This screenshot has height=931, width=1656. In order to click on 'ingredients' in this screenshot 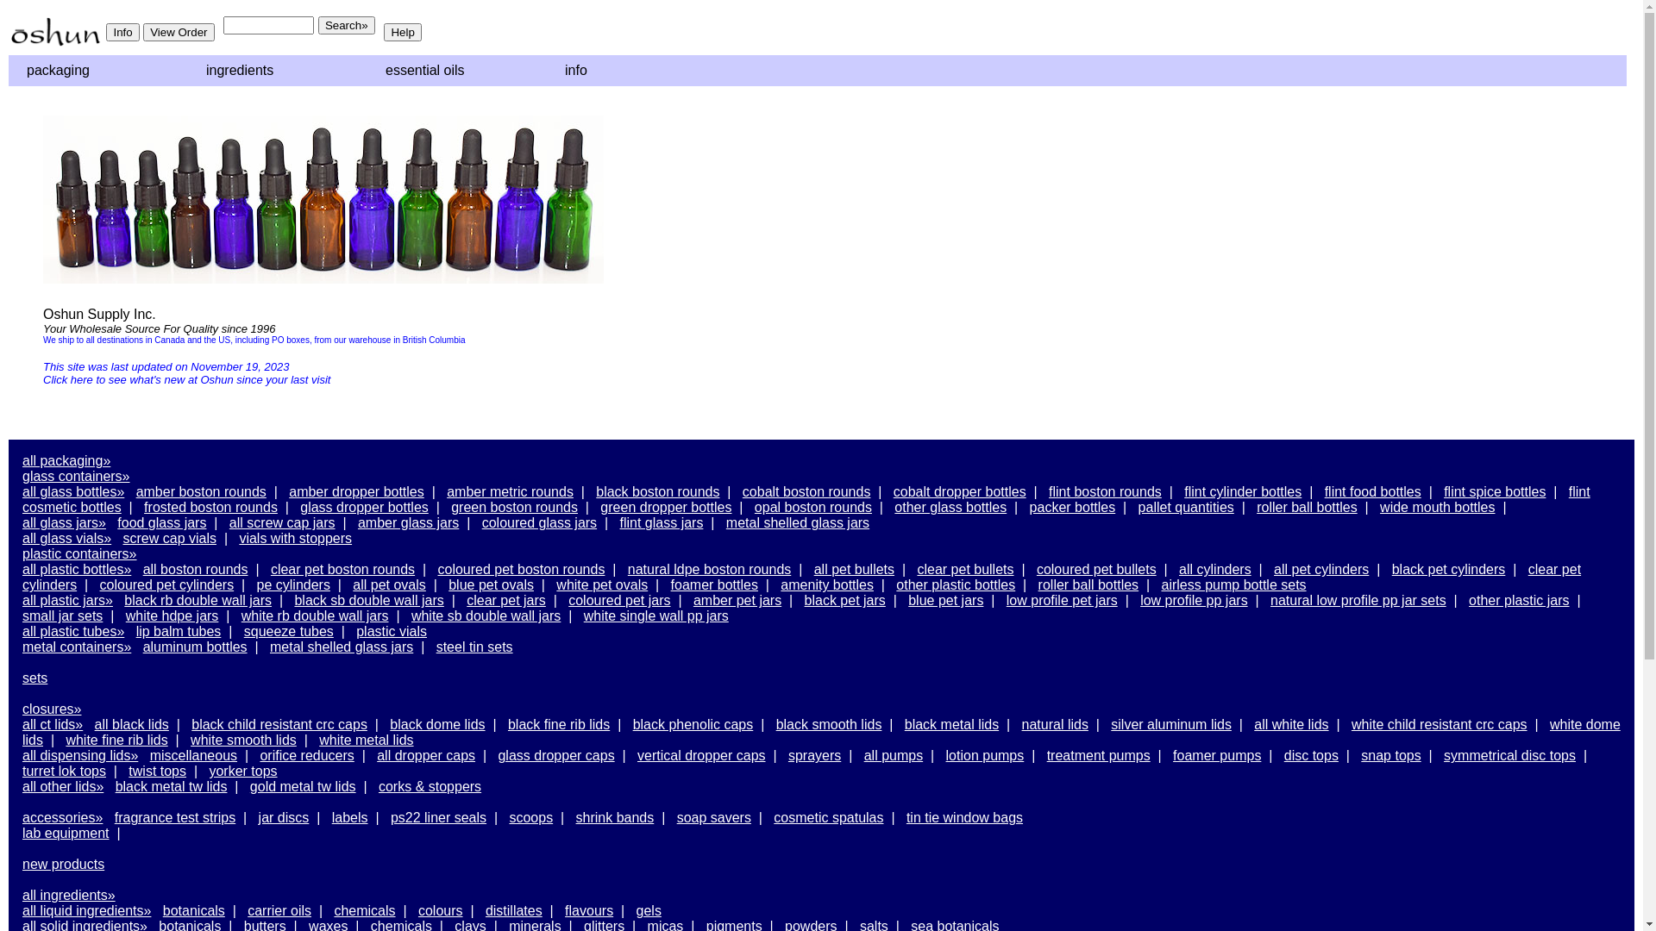, I will do `click(191, 69)`.